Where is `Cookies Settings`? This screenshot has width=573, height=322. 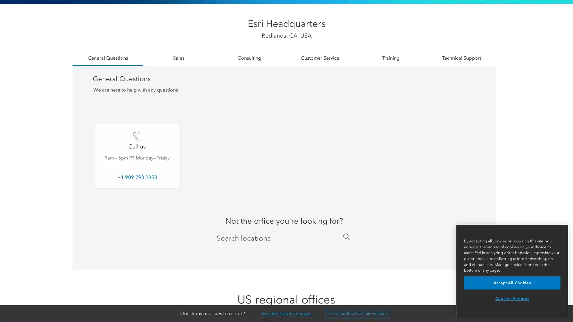 Cookies Settings is located at coordinates (512, 299).